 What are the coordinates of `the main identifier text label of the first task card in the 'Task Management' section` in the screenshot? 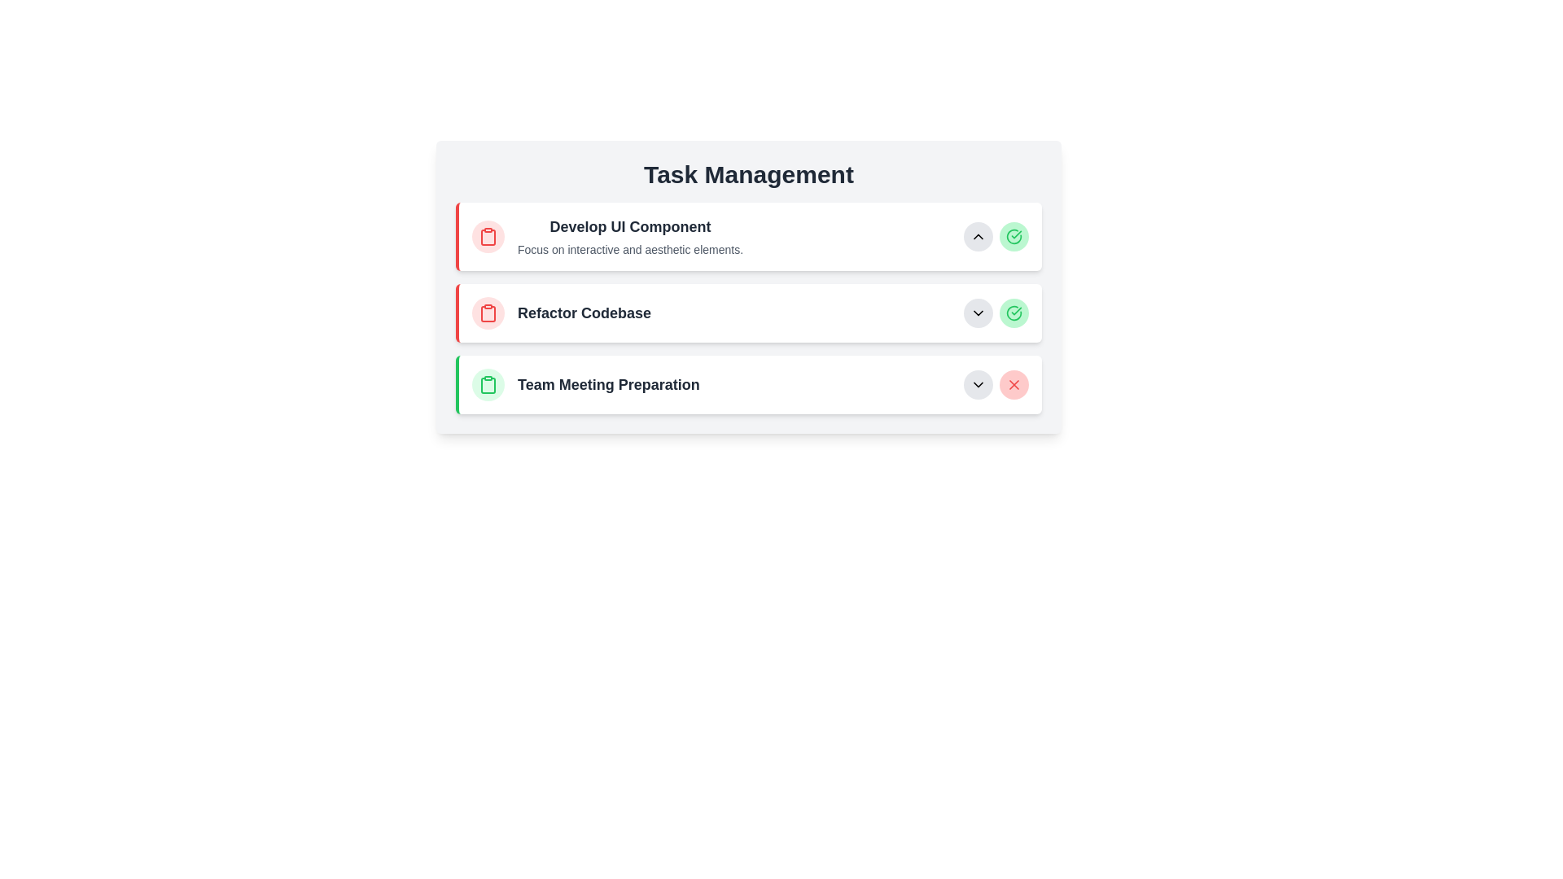 It's located at (629, 226).